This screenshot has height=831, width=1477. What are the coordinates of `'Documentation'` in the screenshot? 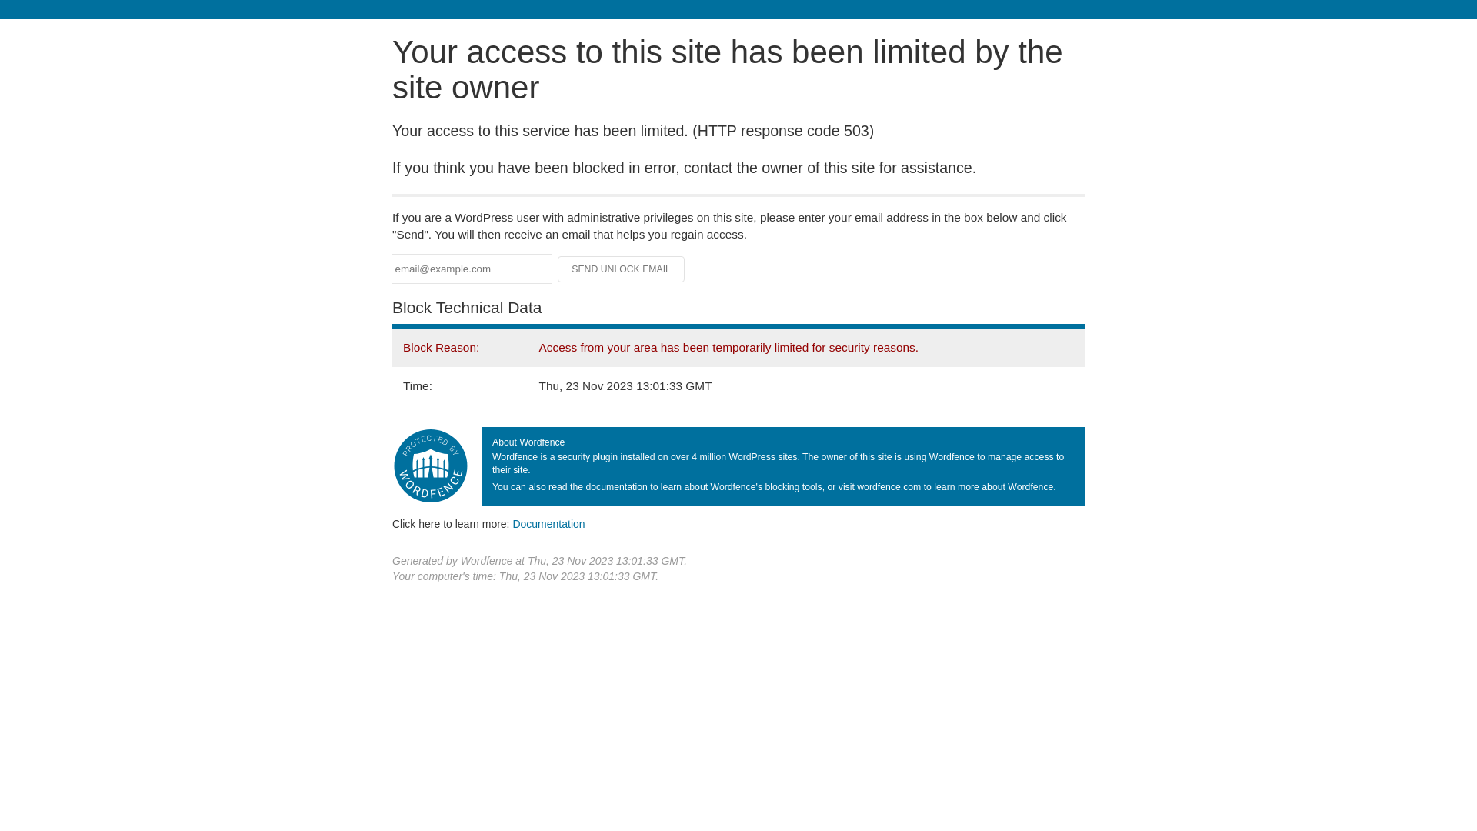 It's located at (512, 523).